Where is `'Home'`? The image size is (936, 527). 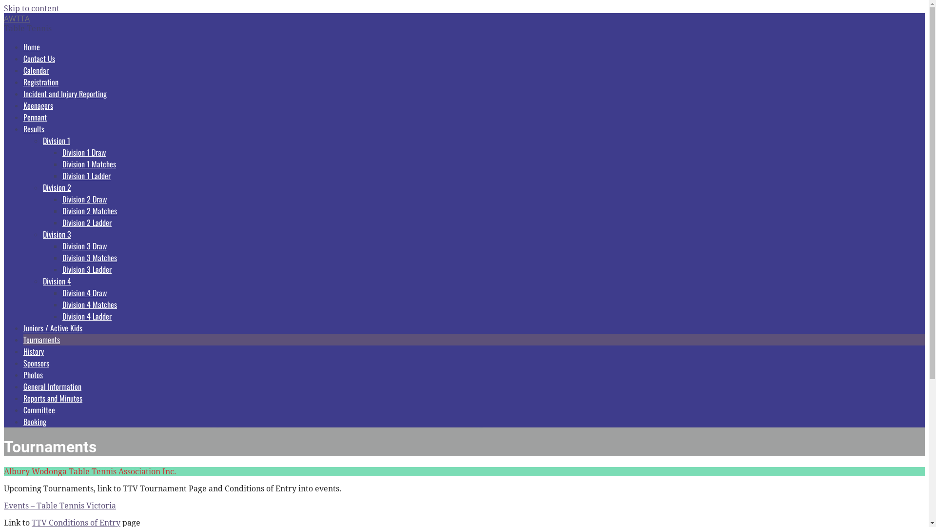 'Home' is located at coordinates (32, 47).